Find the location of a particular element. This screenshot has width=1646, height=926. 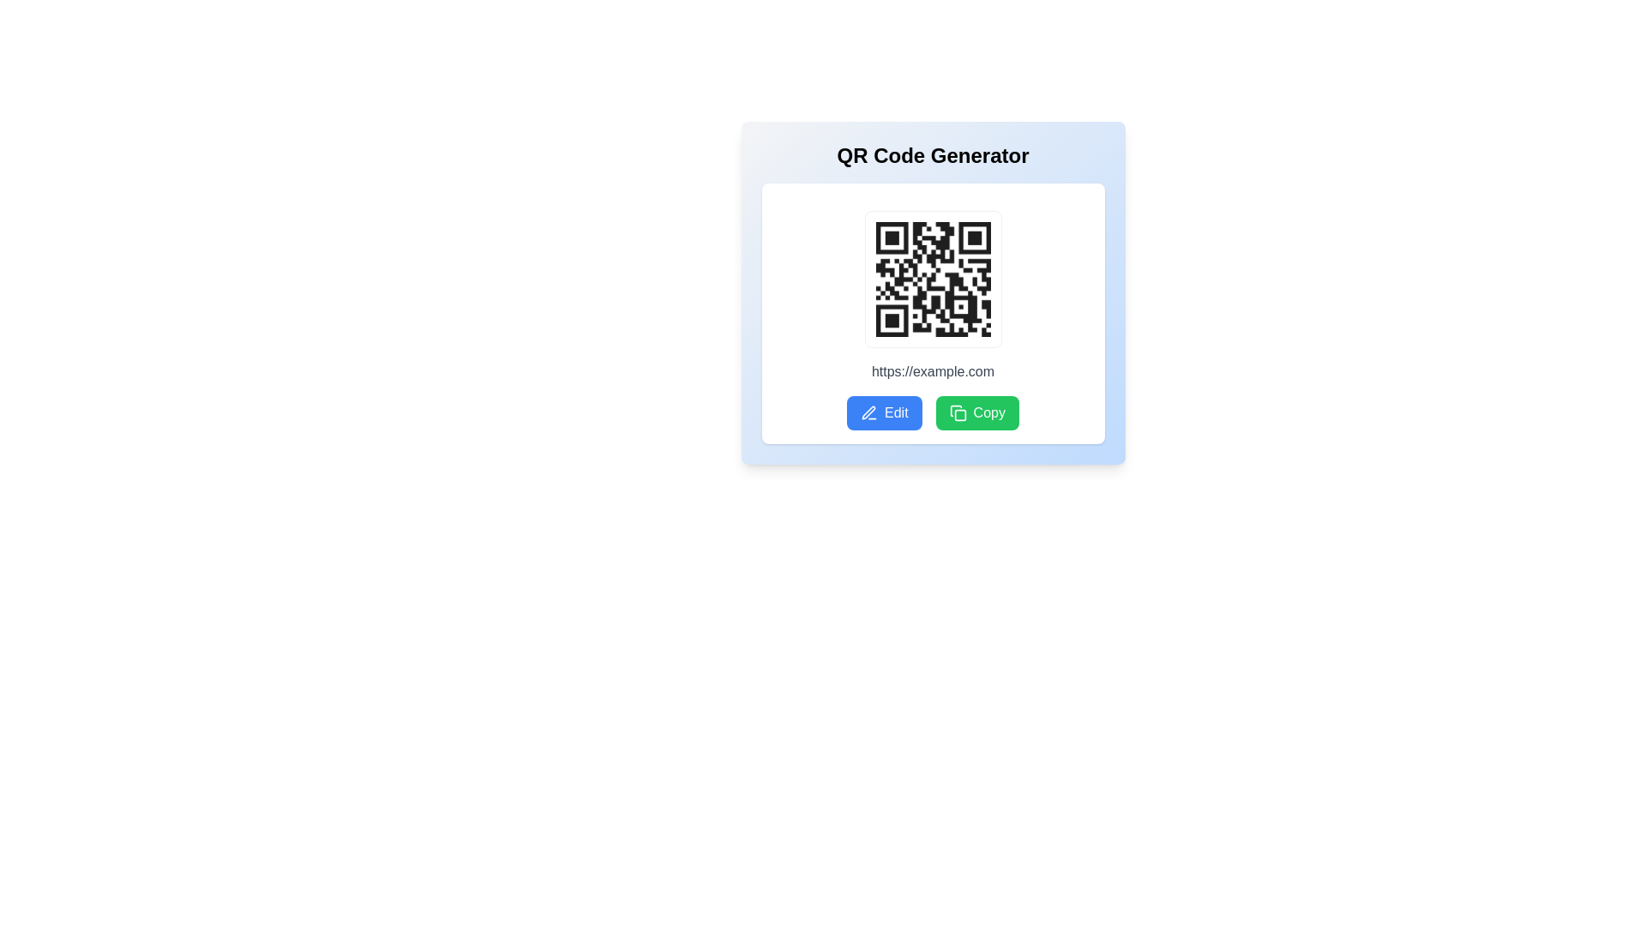

the SVG rectangle representing the 'Copy' icon located in the modal window titled 'QR Code Generator', which is positioned beneath the QR code display is located at coordinates (960, 415).